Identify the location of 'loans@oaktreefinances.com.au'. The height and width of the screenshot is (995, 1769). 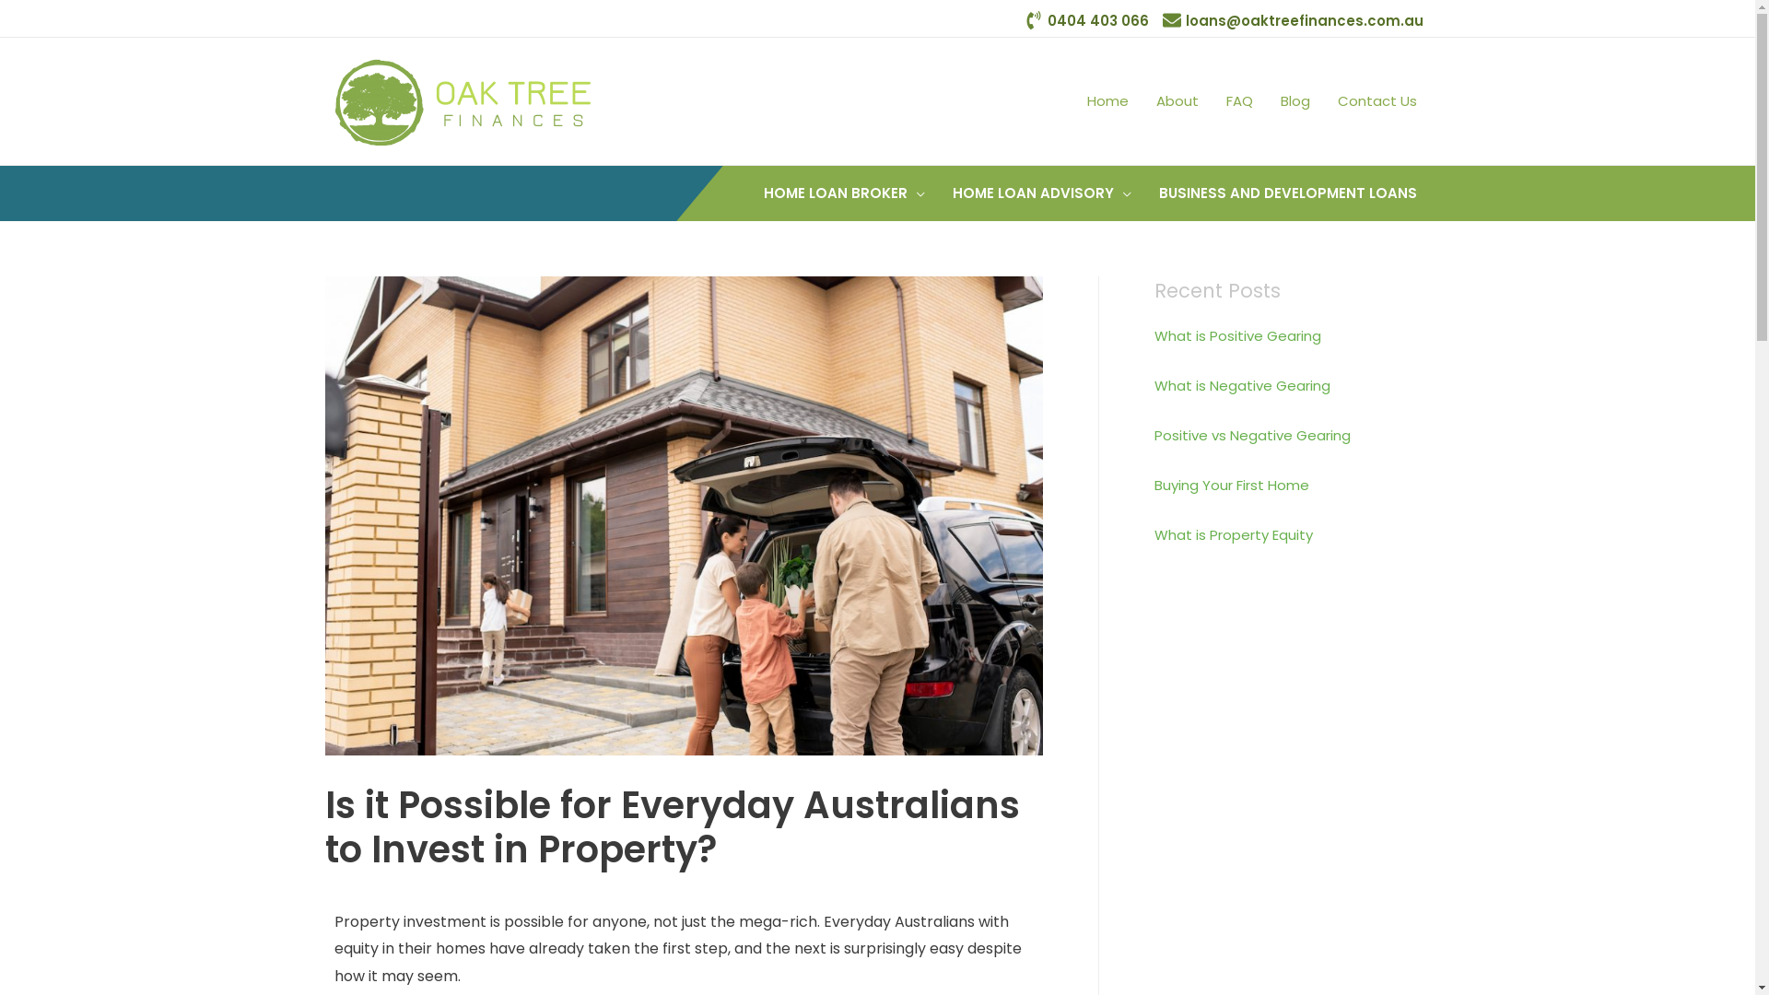
(1292, 20).